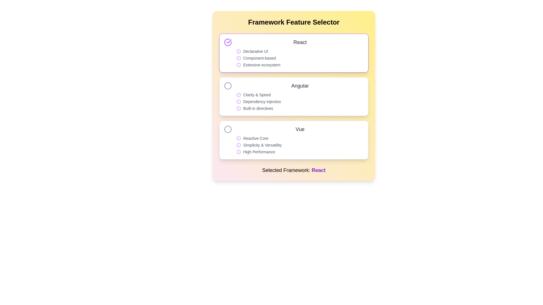 The width and height of the screenshot is (543, 305). I want to click on the Text label that indicates the currently selected framework, located at the bottom of the selection interface with a gradient background, so click(294, 170).